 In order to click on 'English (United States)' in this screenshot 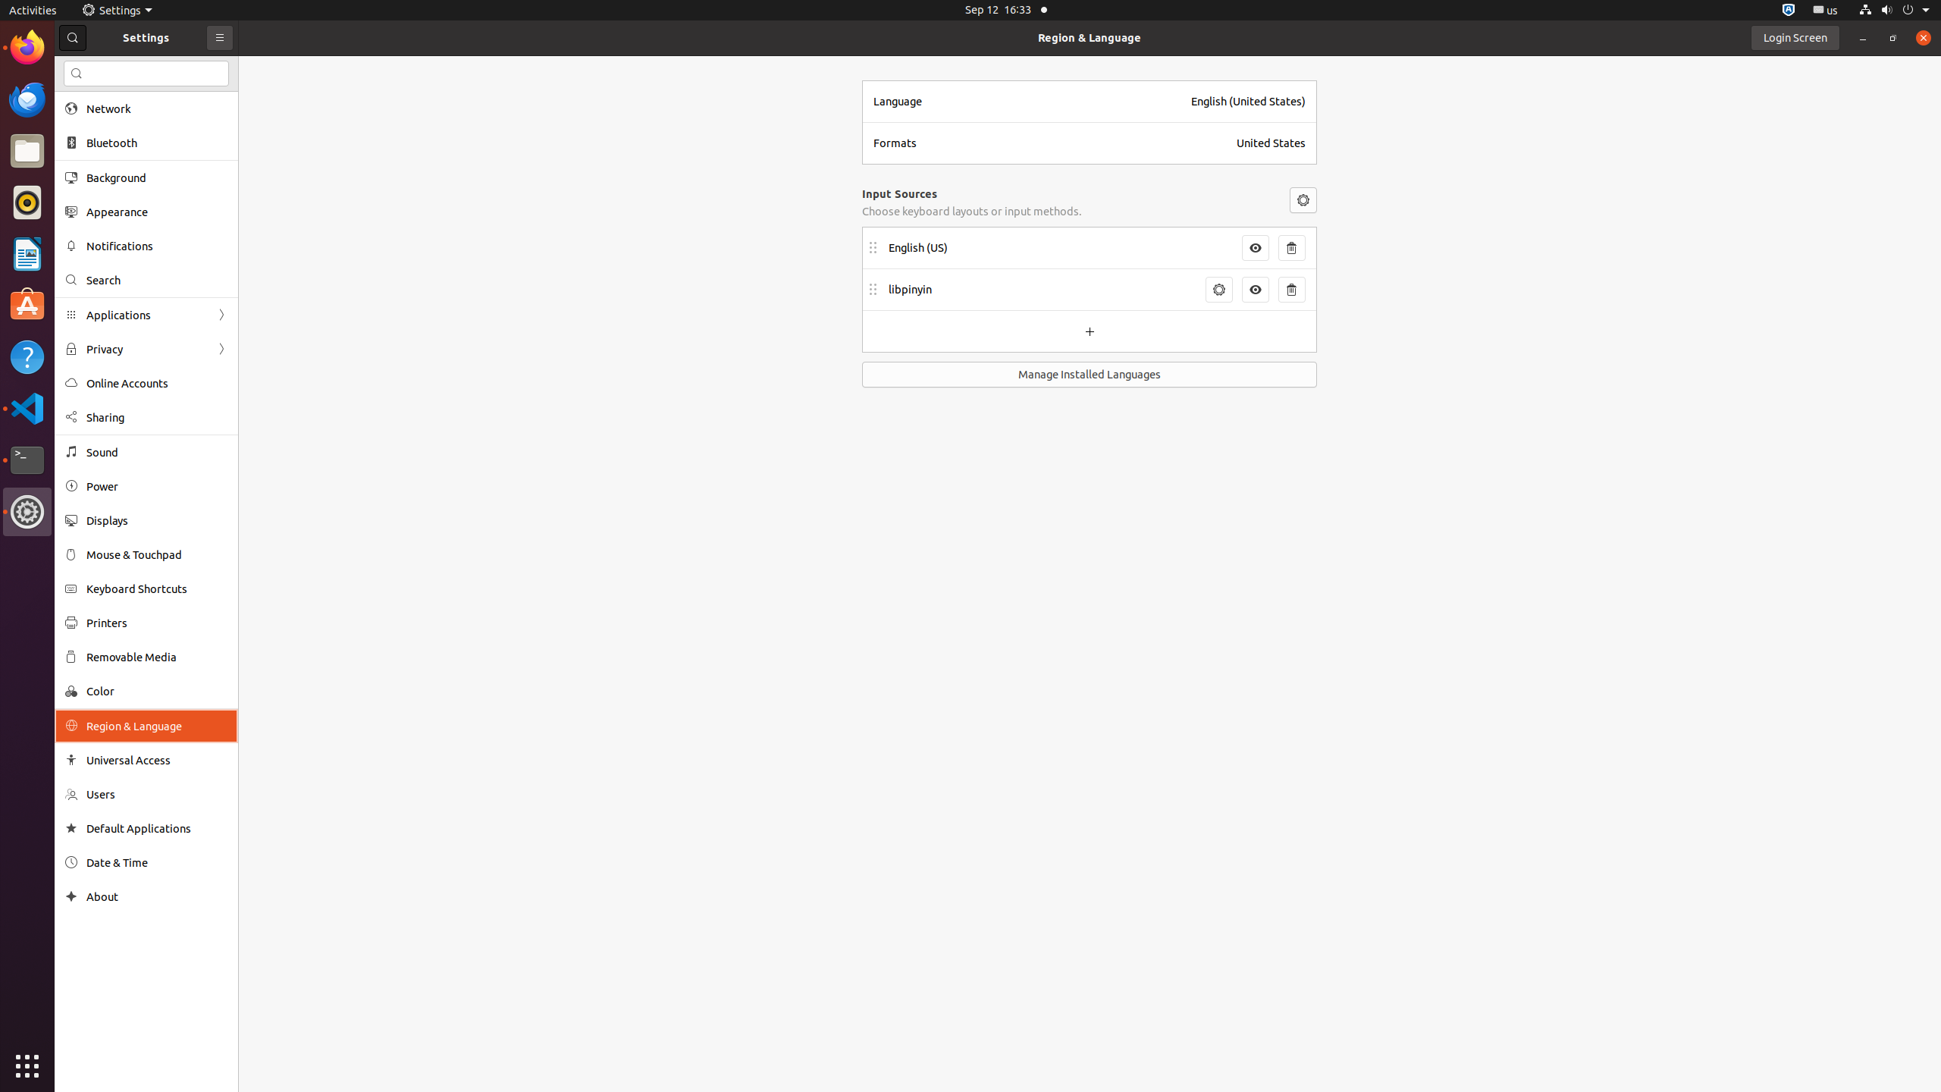, I will do `click(1248, 102)`.